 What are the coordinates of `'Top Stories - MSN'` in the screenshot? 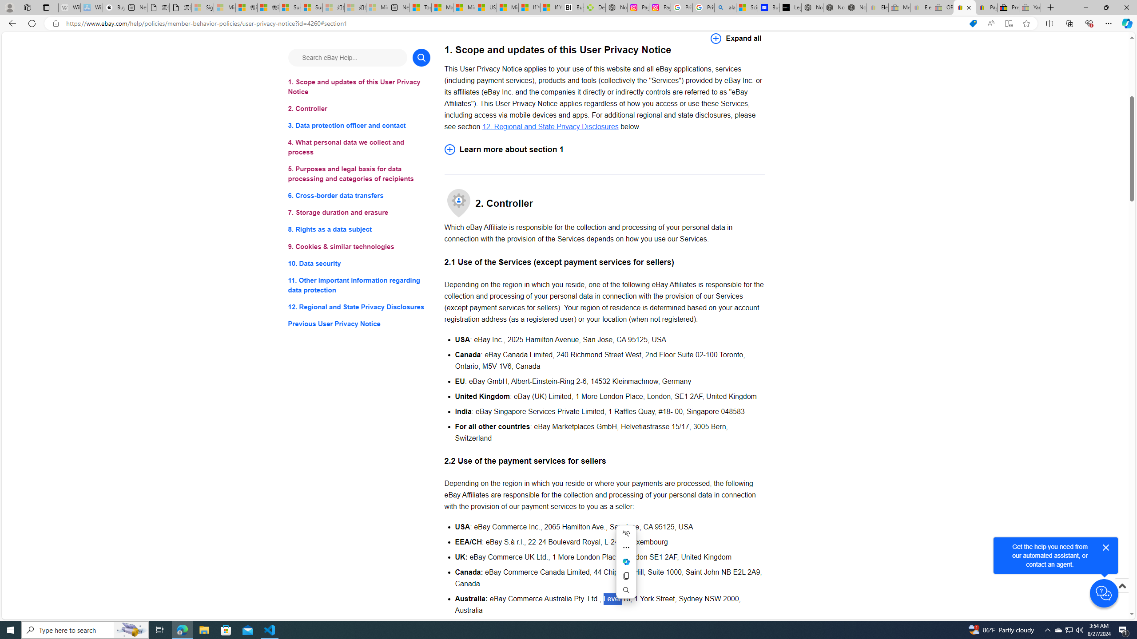 It's located at (420, 7).